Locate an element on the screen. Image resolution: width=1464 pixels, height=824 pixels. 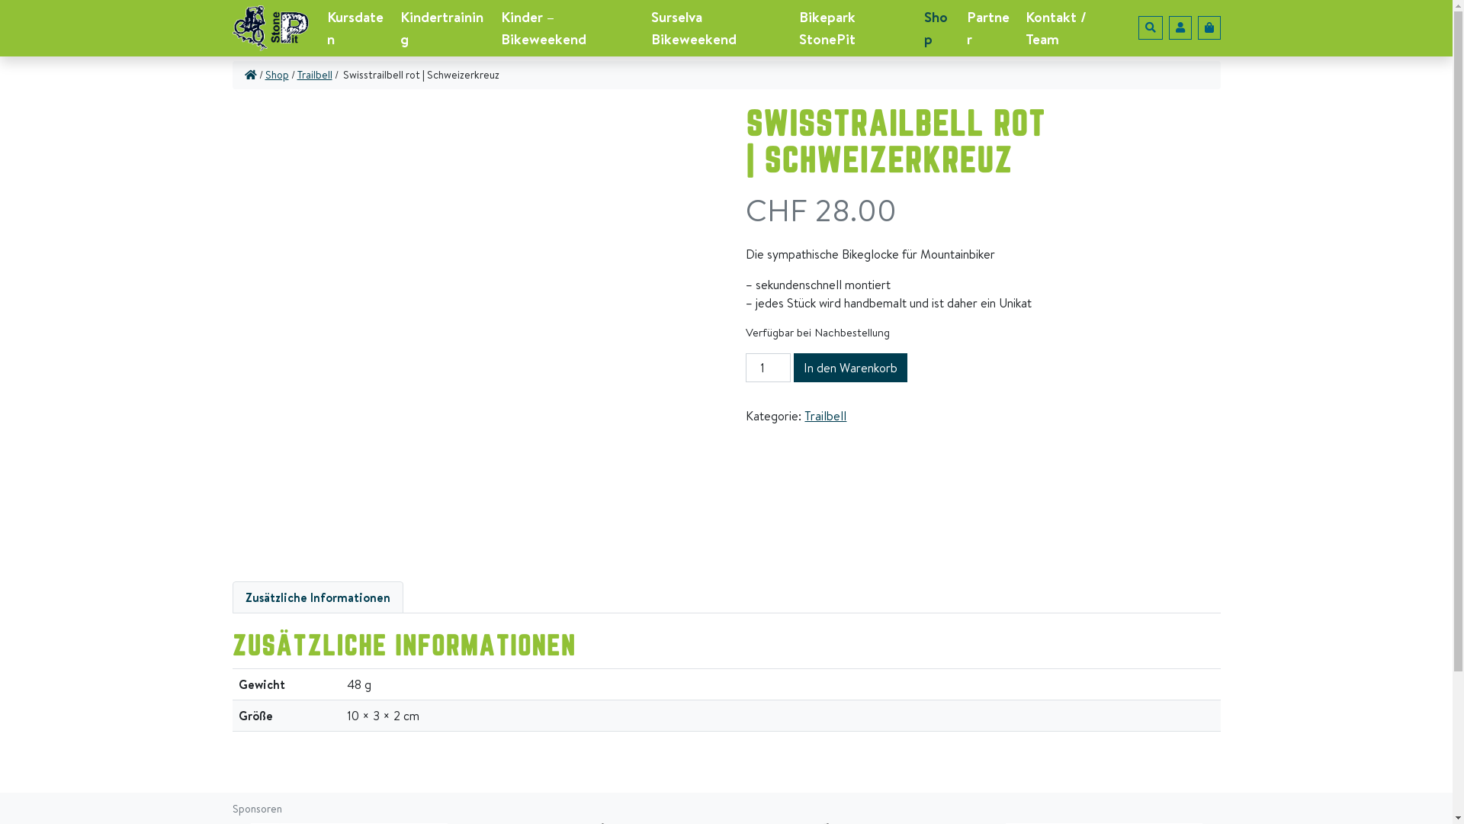
'Bikepark StonePit' is located at coordinates (856, 28).